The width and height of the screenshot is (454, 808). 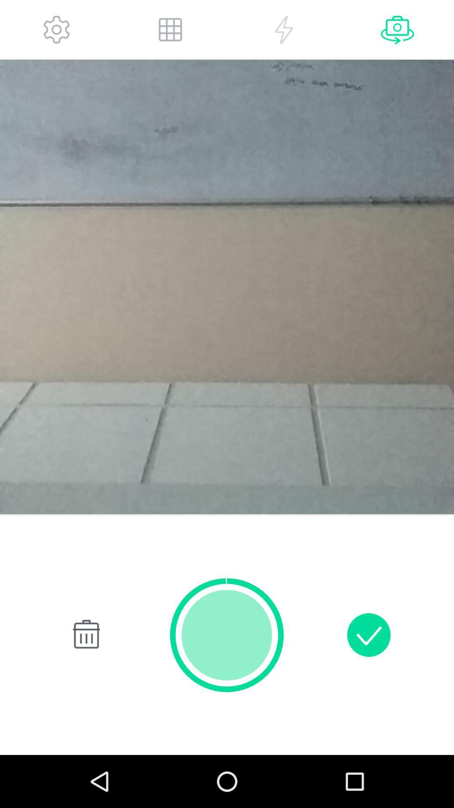 What do you see at coordinates (368, 679) in the screenshot?
I see `the check icon` at bounding box center [368, 679].